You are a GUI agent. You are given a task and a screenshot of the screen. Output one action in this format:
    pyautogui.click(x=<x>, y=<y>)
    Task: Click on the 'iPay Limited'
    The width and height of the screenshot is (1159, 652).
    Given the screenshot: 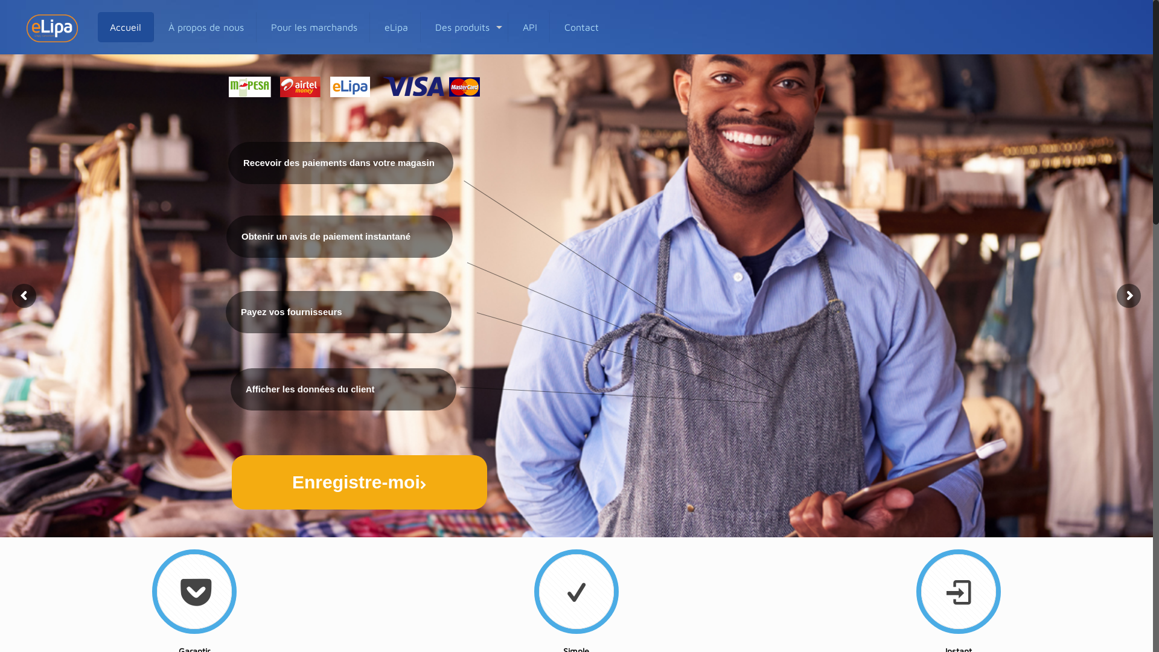 What is the action you would take?
    pyautogui.click(x=51, y=27)
    